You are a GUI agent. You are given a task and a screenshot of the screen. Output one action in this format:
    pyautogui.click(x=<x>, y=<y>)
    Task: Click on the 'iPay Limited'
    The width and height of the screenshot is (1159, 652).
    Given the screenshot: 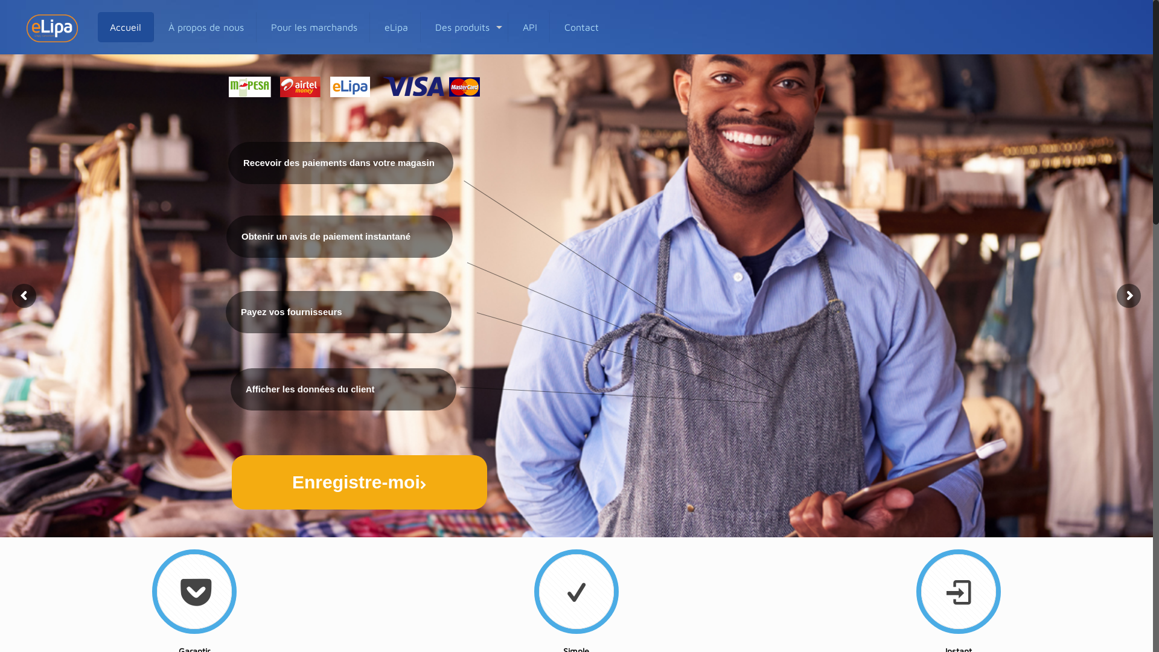 What is the action you would take?
    pyautogui.click(x=51, y=27)
    